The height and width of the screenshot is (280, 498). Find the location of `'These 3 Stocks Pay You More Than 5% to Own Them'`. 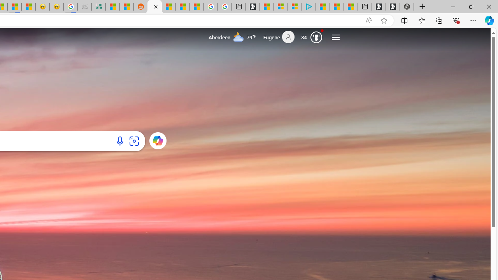

'These 3 Stocks Pay You More Than 5% to Own Them' is located at coordinates (350, 7).